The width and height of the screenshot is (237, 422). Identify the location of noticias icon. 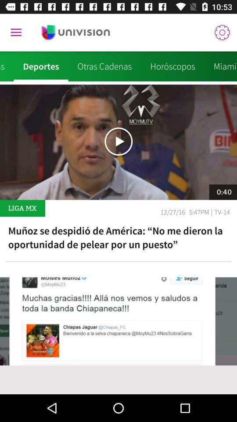
(6, 66).